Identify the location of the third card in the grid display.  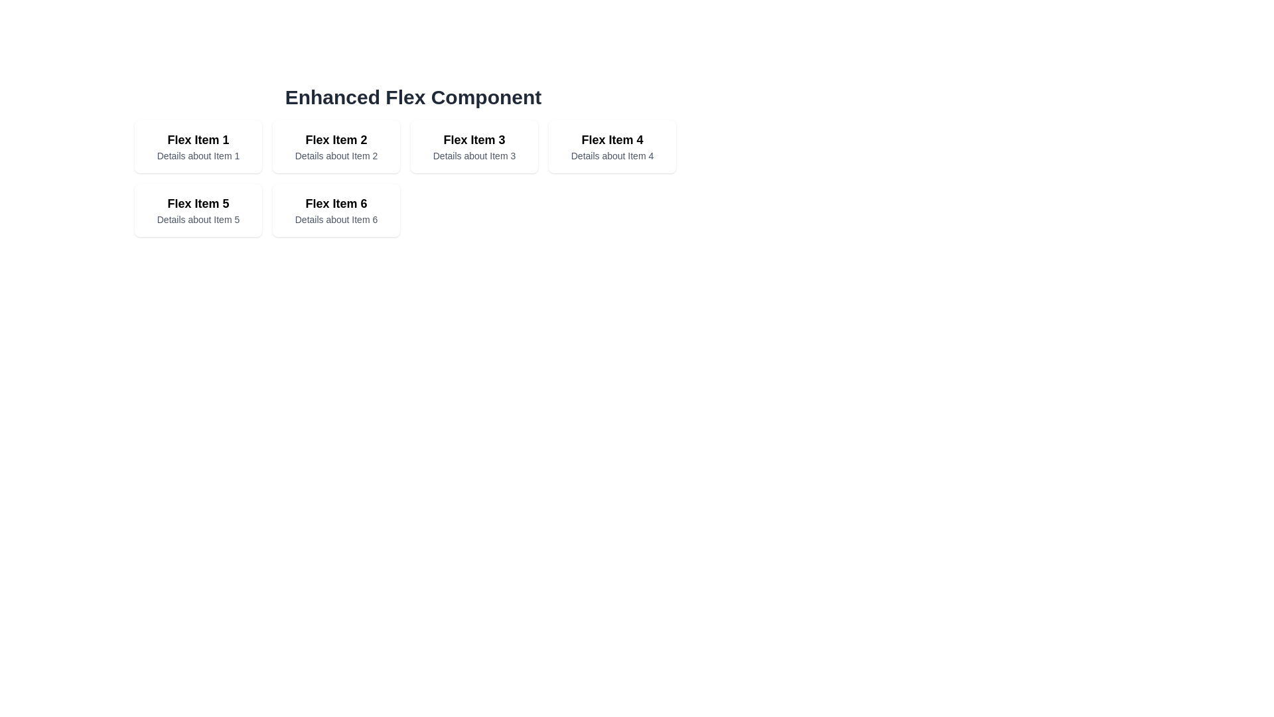
(474, 146).